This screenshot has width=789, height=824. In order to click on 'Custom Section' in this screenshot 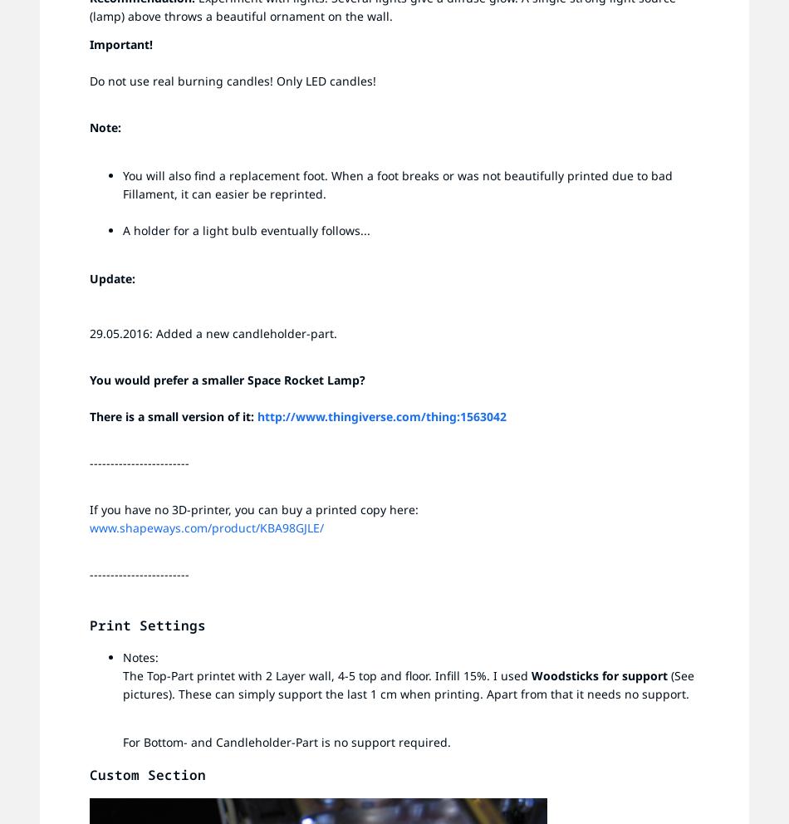, I will do `click(148, 773)`.